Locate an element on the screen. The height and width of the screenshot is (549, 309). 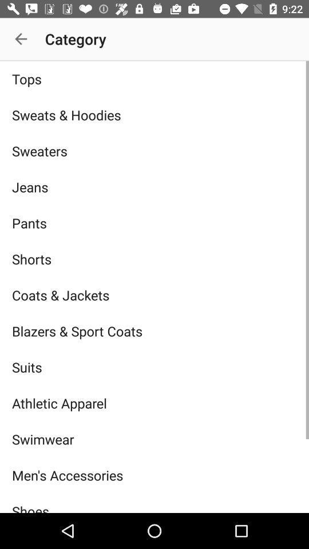
the item above shoes is located at coordinates (154, 475).